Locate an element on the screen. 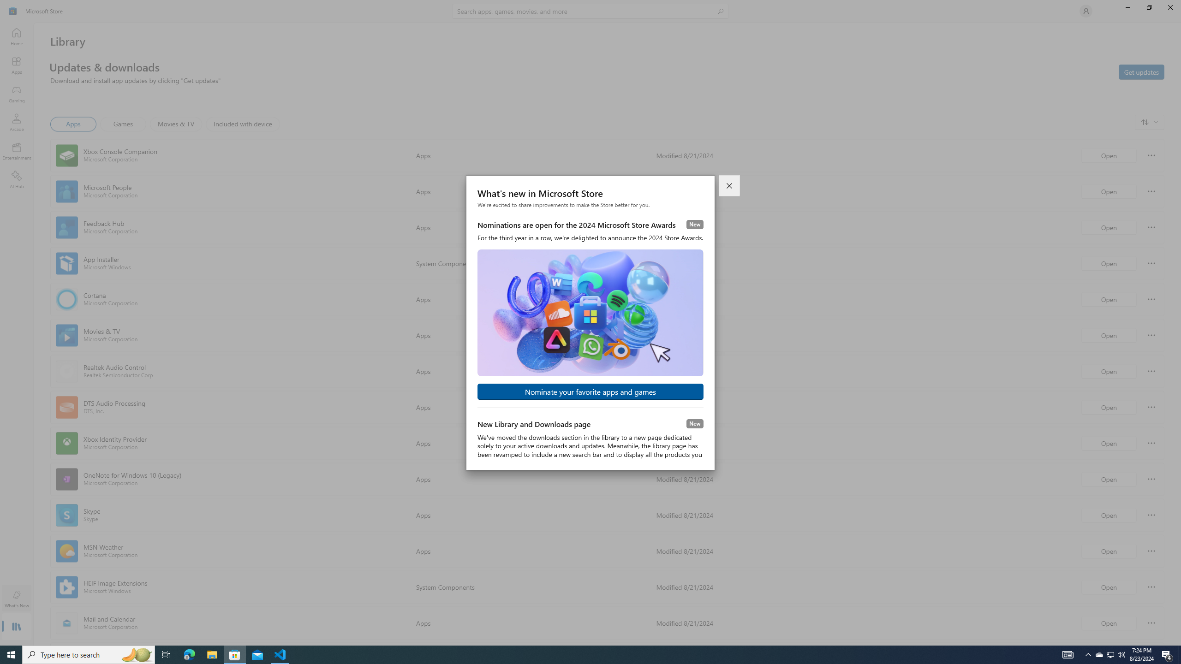 The width and height of the screenshot is (1181, 664). 'AI Hub' is located at coordinates (16, 179).